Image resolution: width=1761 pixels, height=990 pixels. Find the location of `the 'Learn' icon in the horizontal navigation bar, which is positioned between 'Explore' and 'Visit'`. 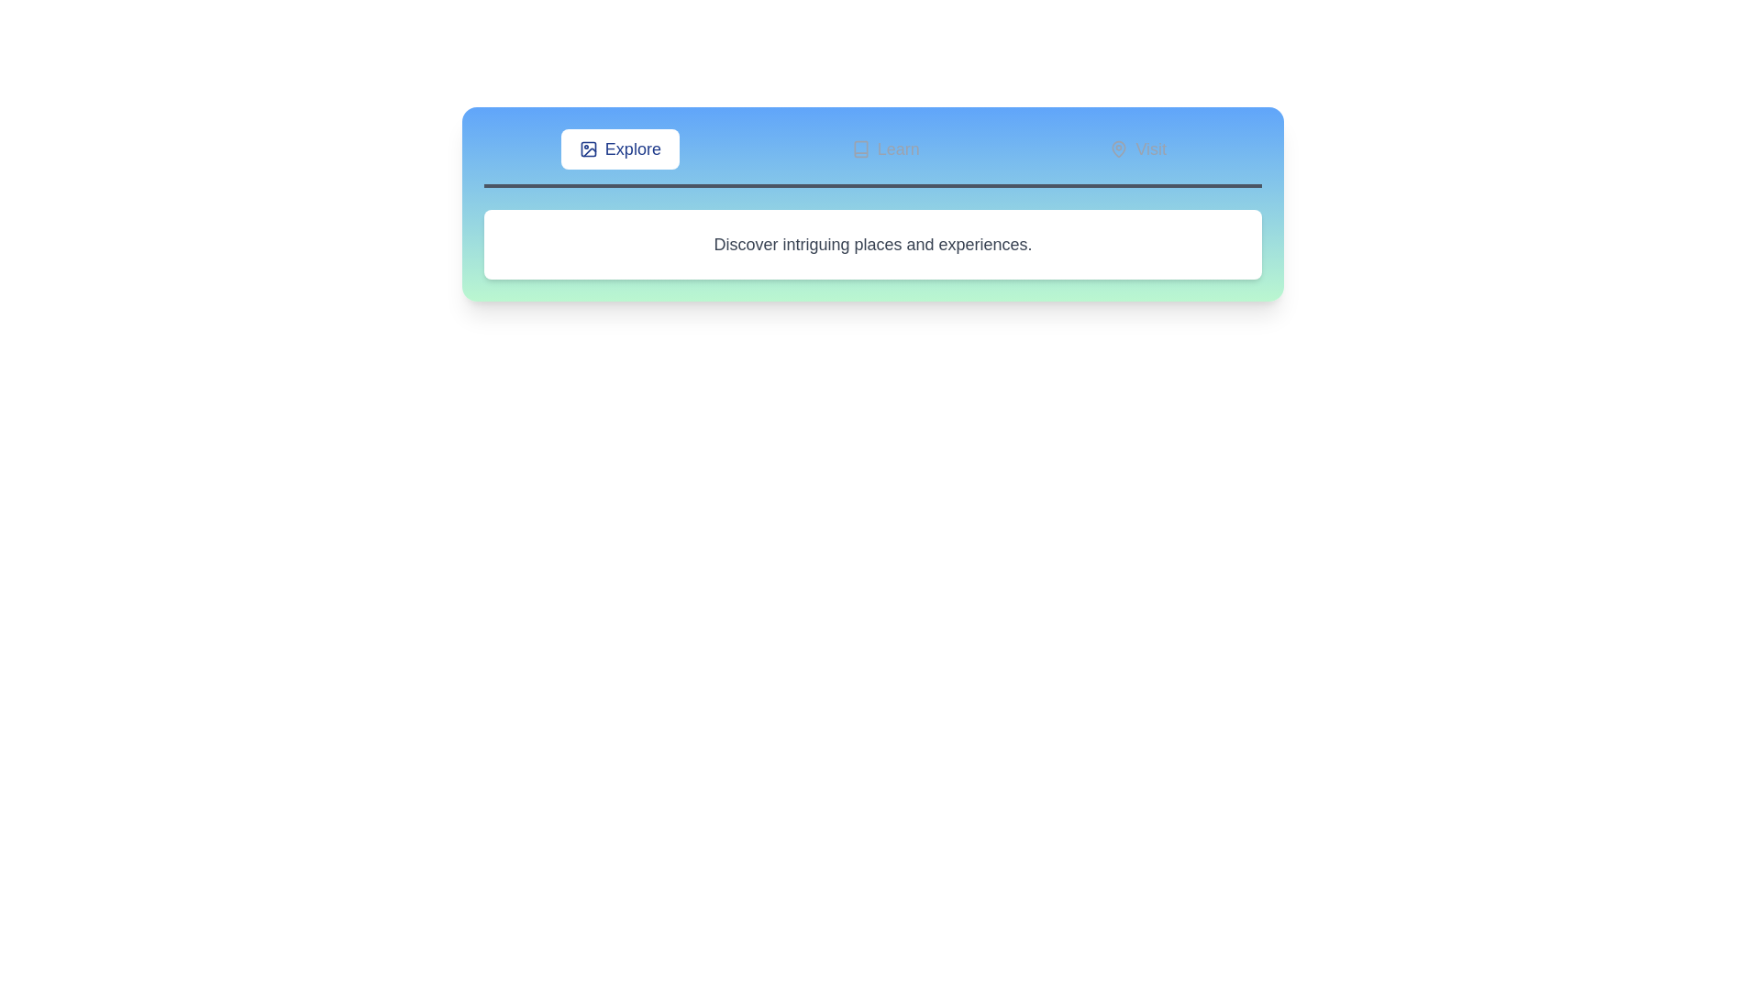

the 'Learn' icon in the horizontal navigation bar, which is positioned between 'Explore' and 'Visit' is located at coordinates (859, 148).